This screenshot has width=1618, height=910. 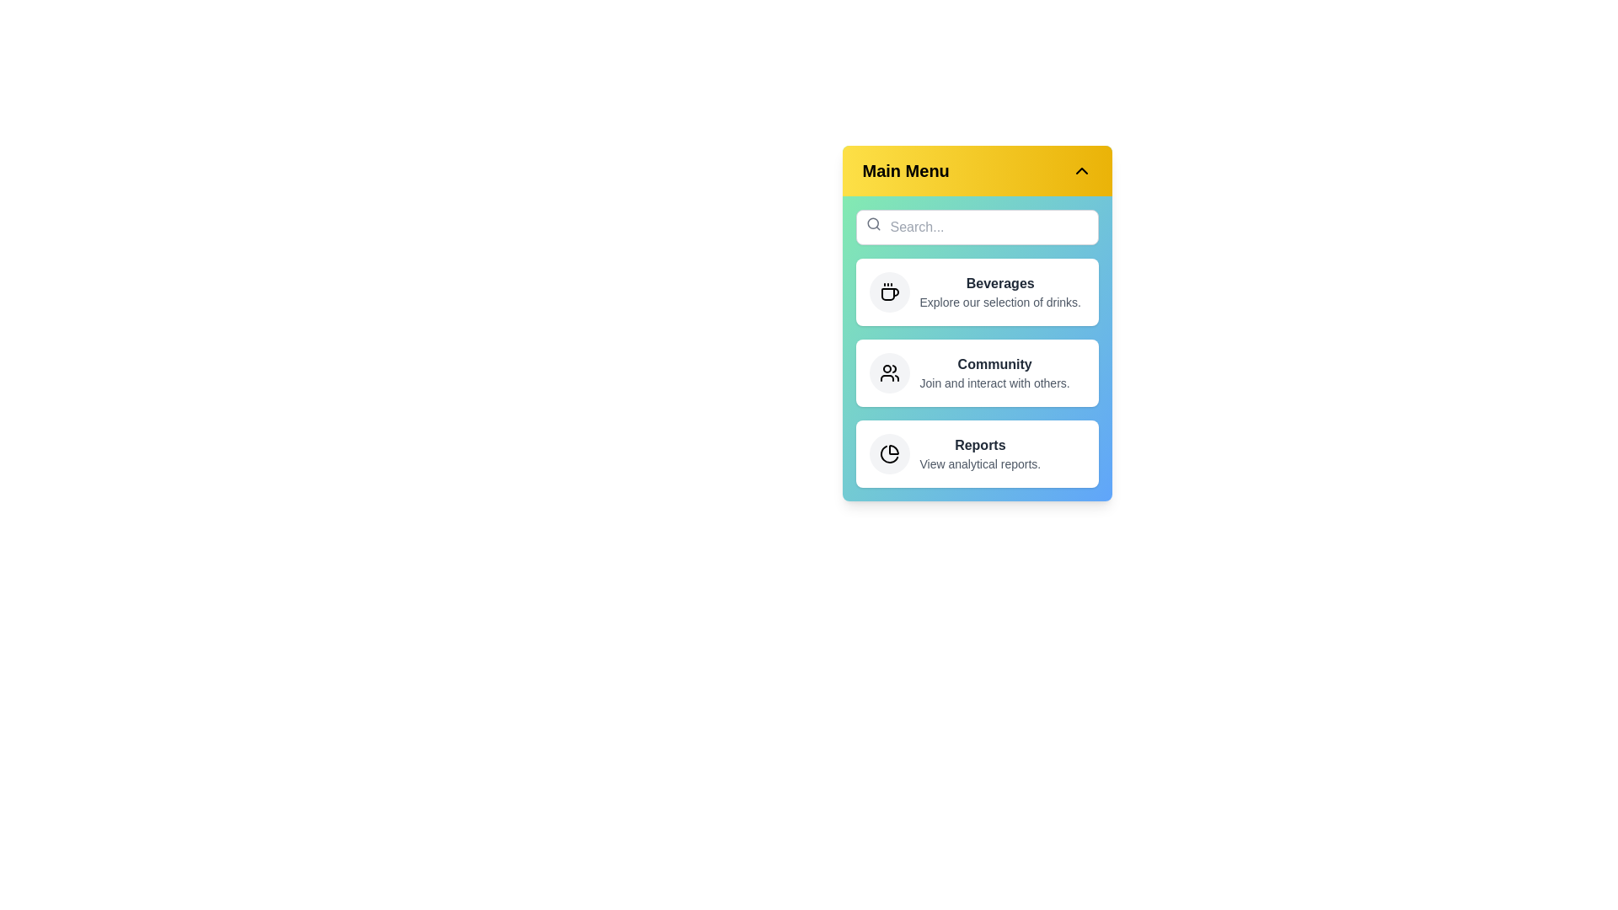 I want to click on the menu item Beverages to view its details, so click(x=977, y=292).